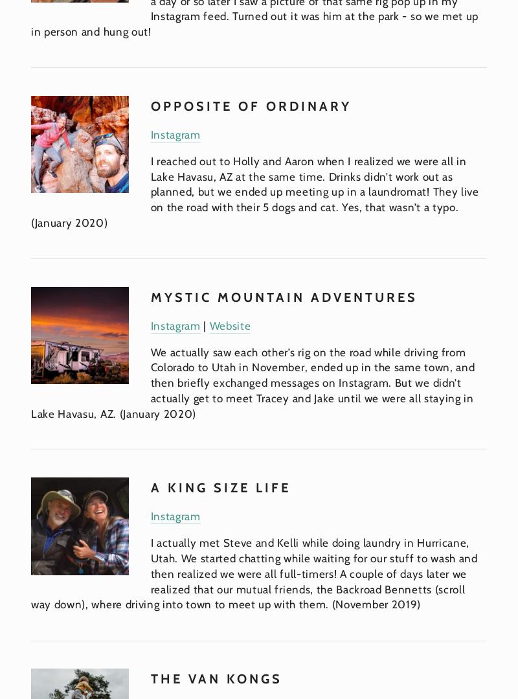 The width and height of the screenshot is (518, 699). Describe the element at coordinates (215, 678) in the screenshot. I see `'The Van Kongs'` at that location.